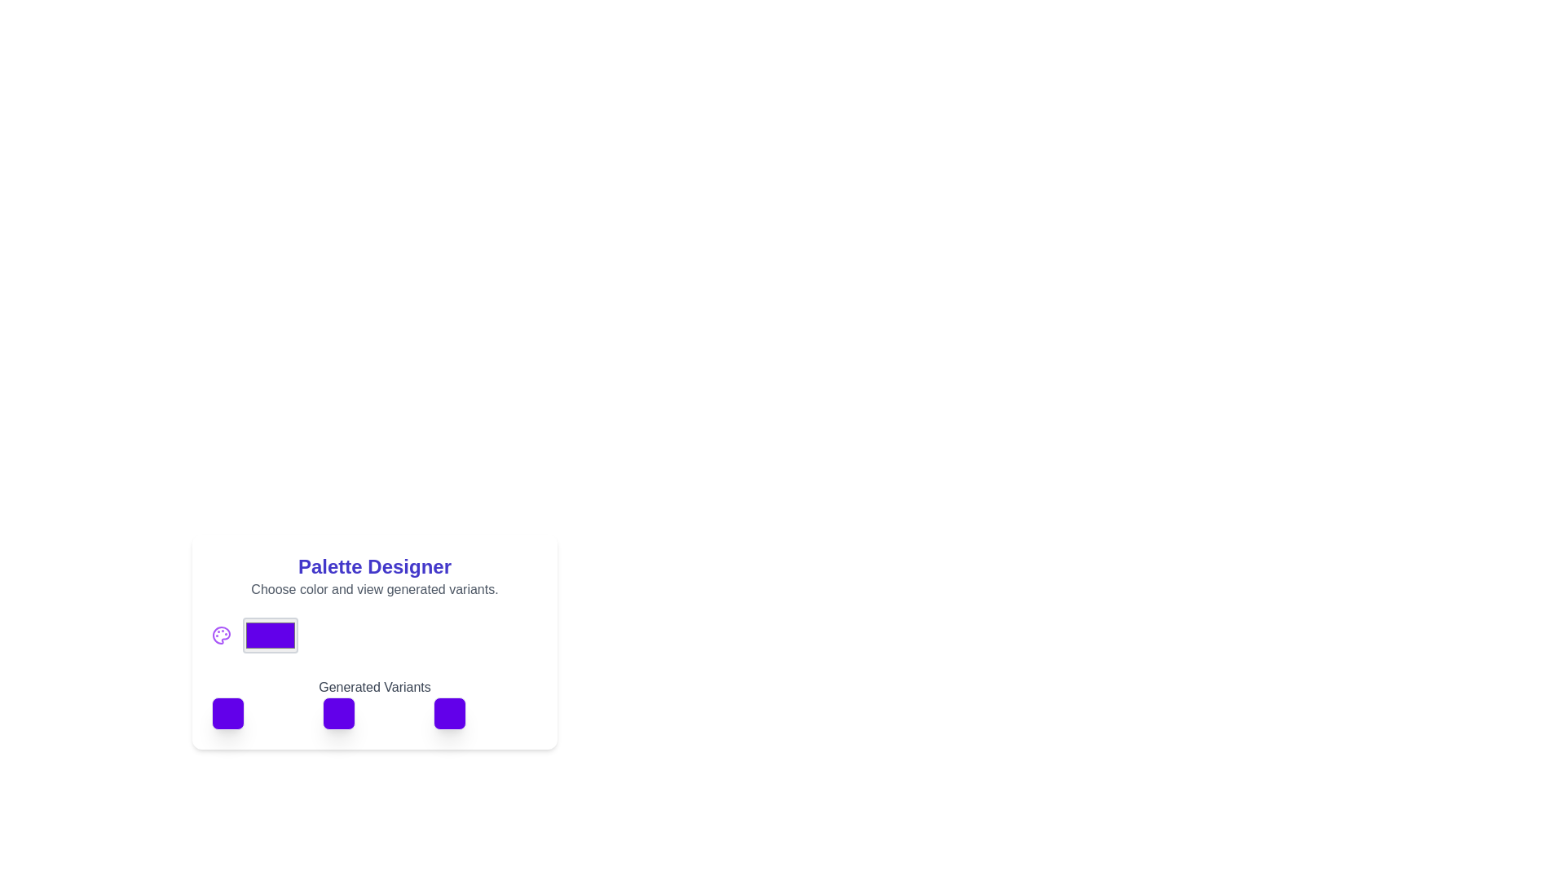 Image resolution: width=1565 pixels, height=880 pixels. What do you see at coordinates (374, 565) in the screenshot?
I see `the Text Label (Heading) that serves as a title for the section above the description 'Choose color and view generated variants.'` at bounding box center [374, 565].